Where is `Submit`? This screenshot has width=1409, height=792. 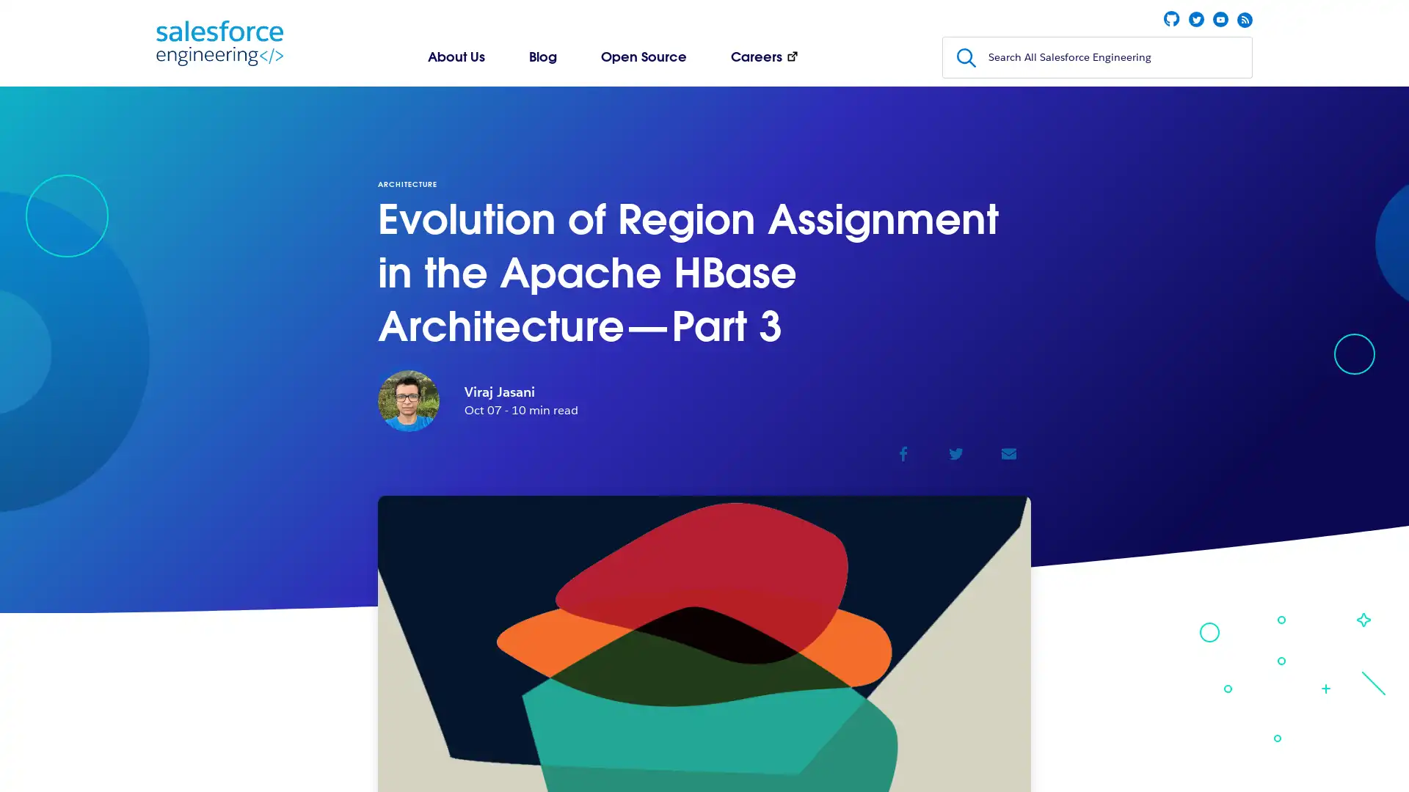 Submit is located at coordinates (1251, 35).